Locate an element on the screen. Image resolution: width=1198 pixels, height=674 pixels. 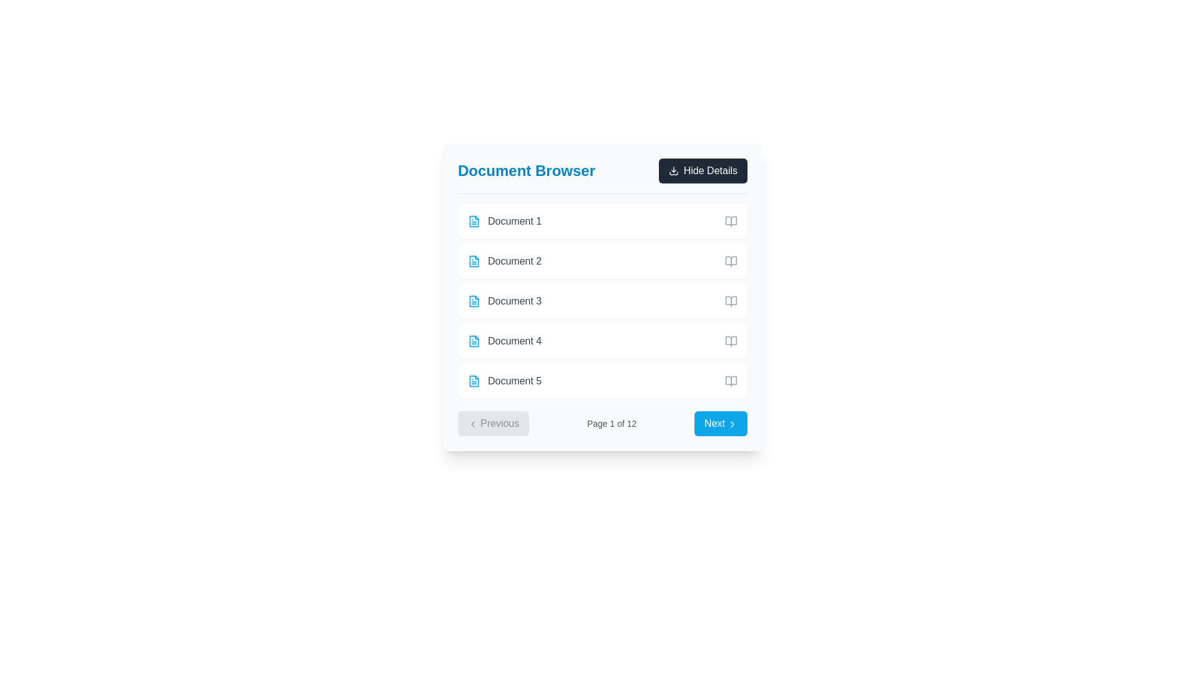
text of the label 'Document 3', which is styled in gray and is the third item in the 'Document Browser' list, positioned to the right of a document icon is located at coordinates (515, 301).